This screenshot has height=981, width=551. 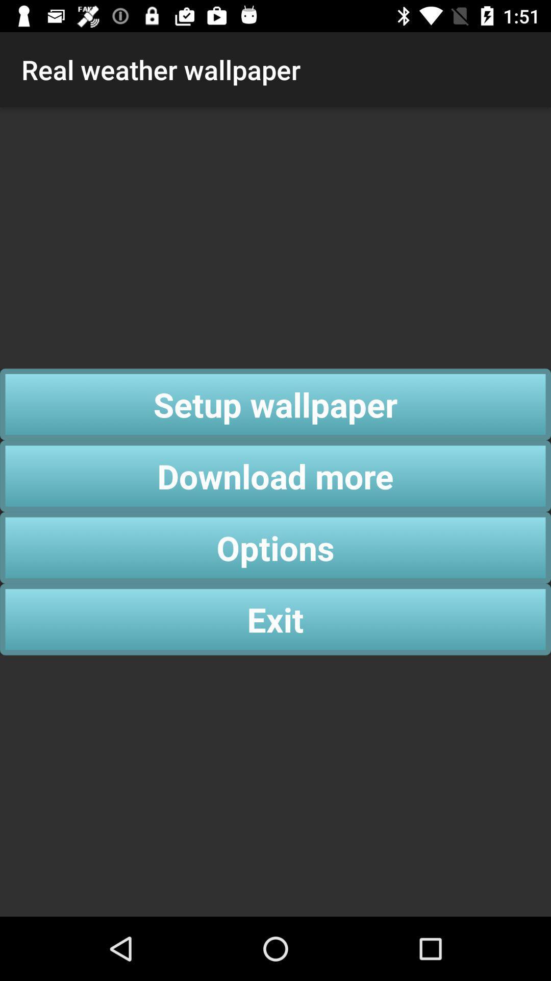 What do you see at coordinates (275, 547) in the screenshot?
I see `the options` at bounding box center [275, 547].